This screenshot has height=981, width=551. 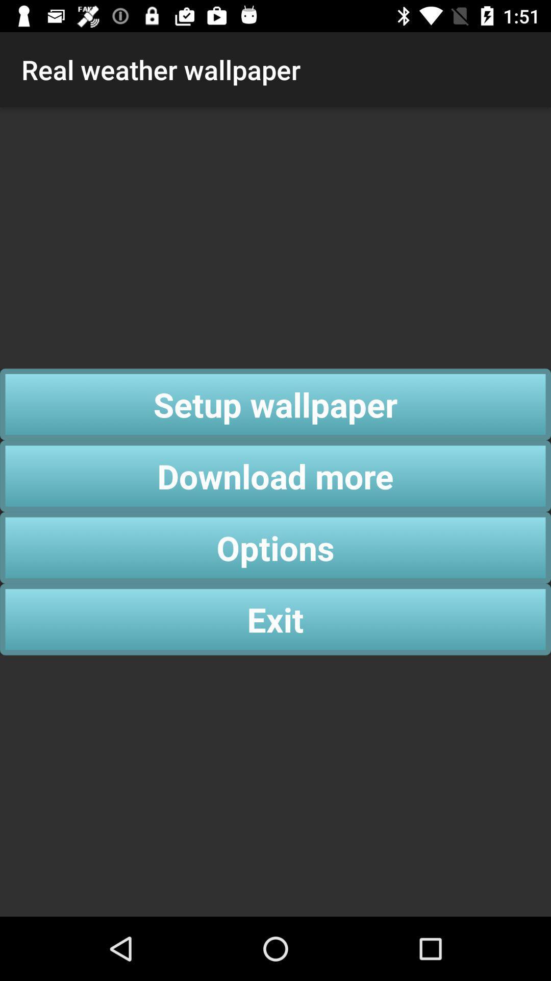 What do you see at coordinates (275, 547) in the screenshot?
I see `the options` at bounding box center [275, 547].